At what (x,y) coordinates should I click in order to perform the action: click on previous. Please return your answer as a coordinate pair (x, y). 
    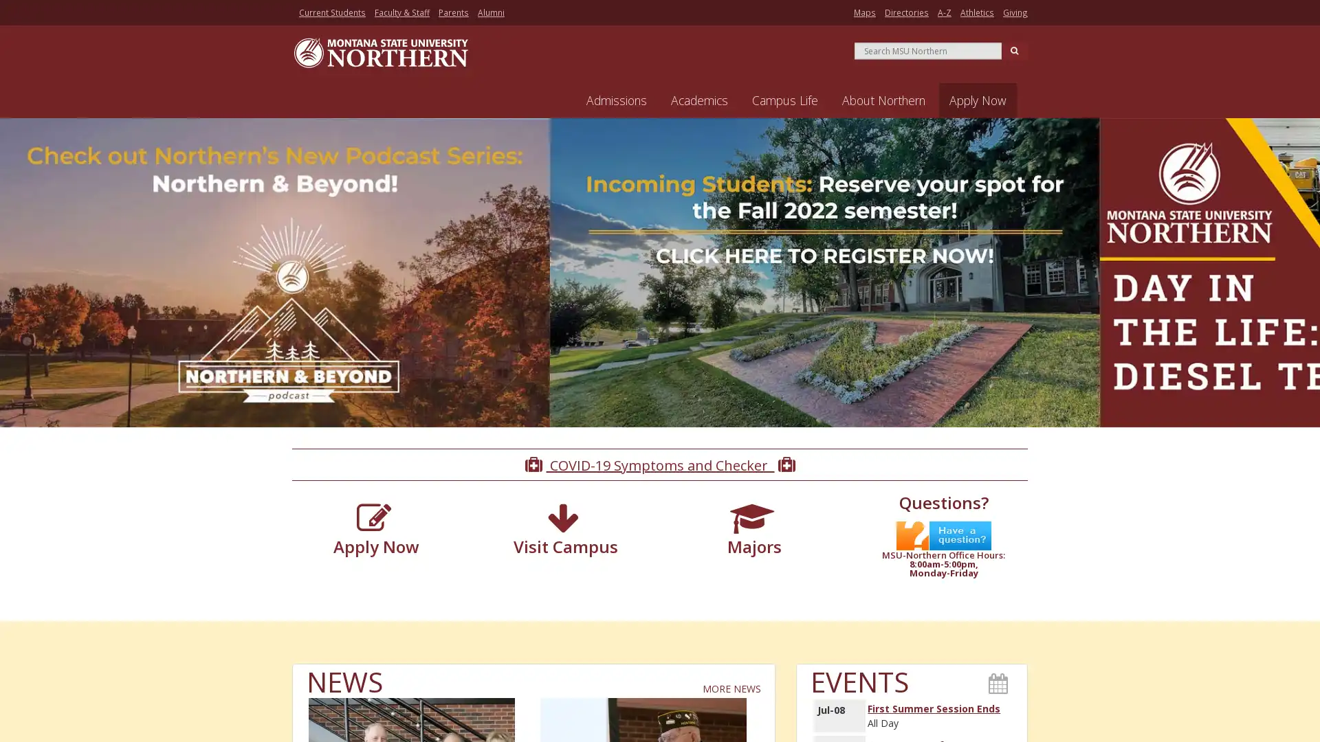
    Looking at the image, I should click on (13, 282).